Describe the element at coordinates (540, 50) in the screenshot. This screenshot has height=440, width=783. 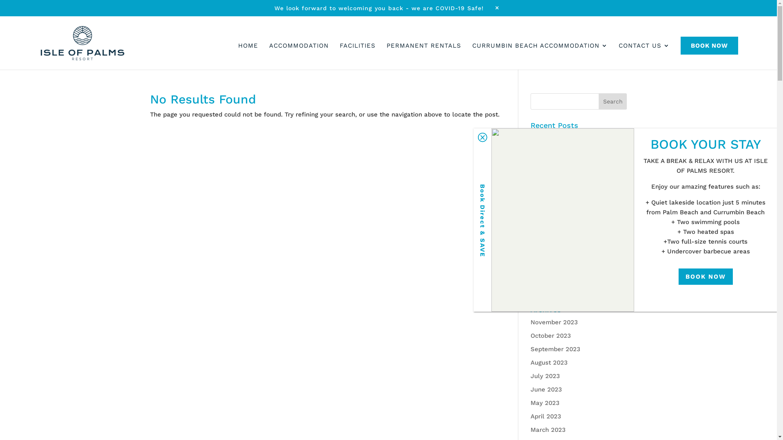
I see `'CURRUMBIN BEACH ACCOMMODATION'` at that location.